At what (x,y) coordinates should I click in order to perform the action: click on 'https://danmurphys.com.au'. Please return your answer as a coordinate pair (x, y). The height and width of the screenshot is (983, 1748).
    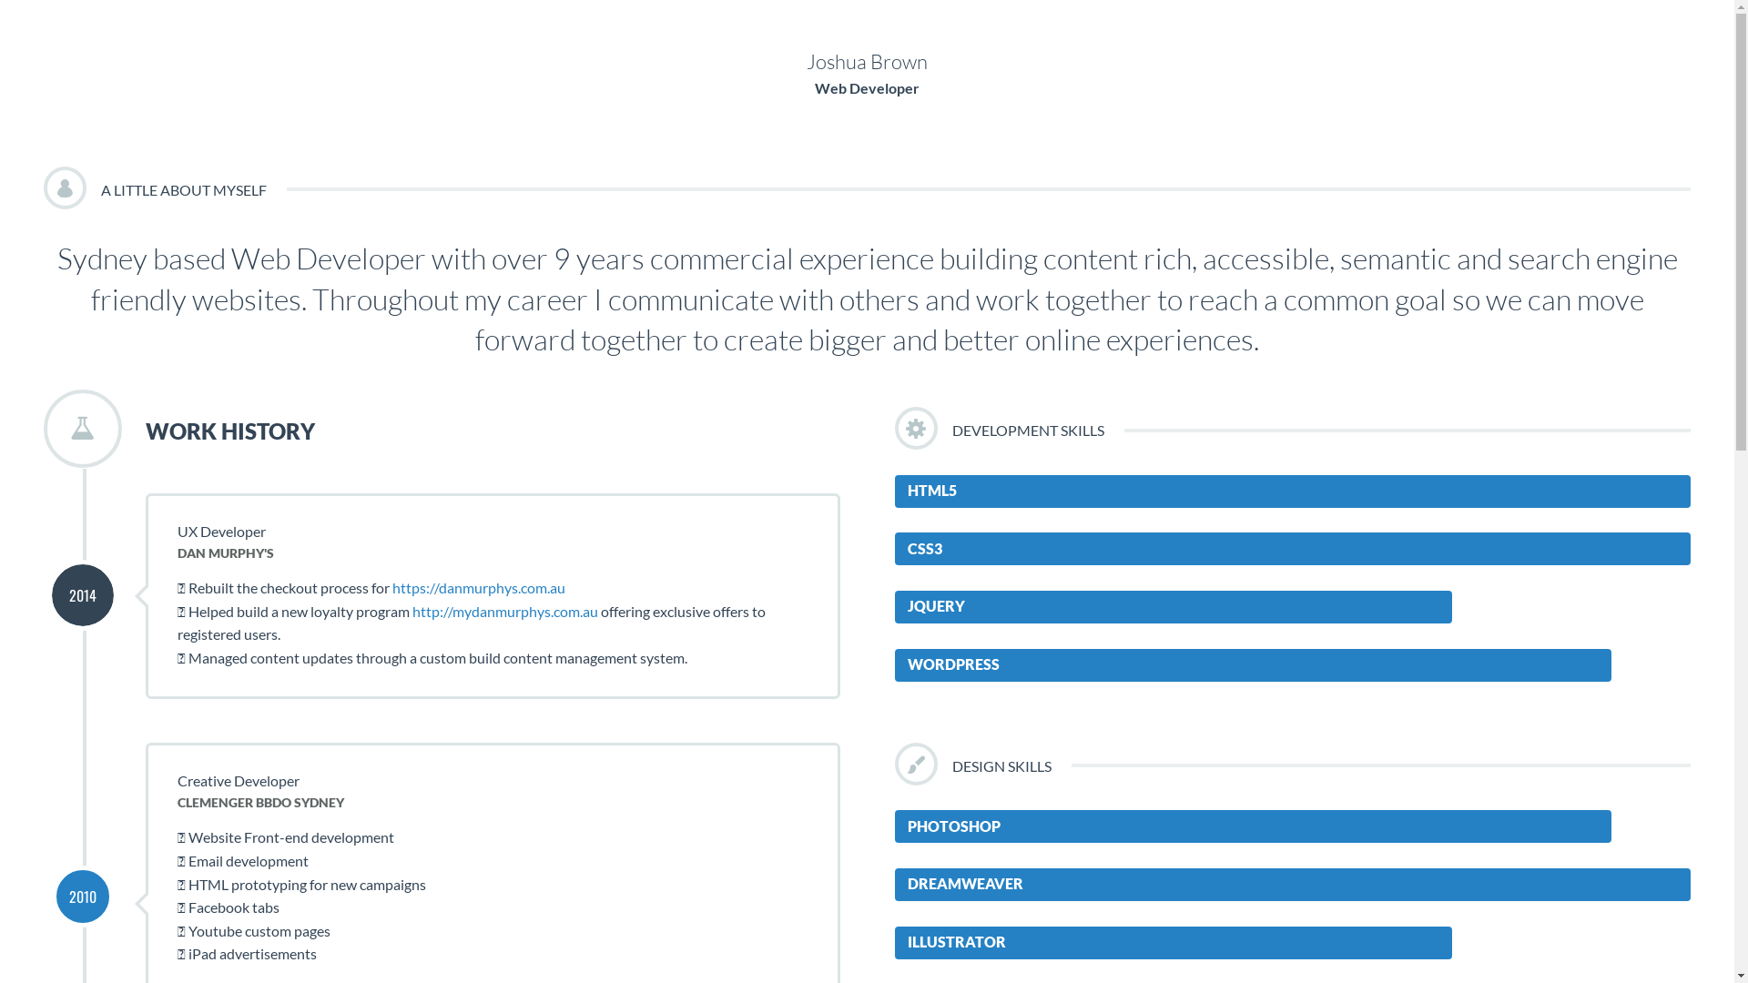
    Looking at the image, I should click on (391, 587).